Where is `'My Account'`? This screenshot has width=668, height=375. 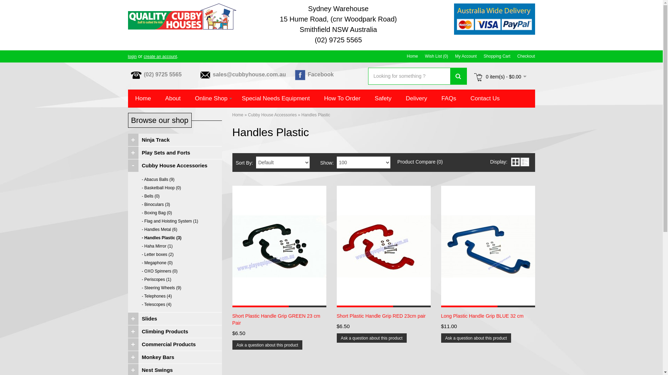
'My Account' is located at coordinates (455, 56).